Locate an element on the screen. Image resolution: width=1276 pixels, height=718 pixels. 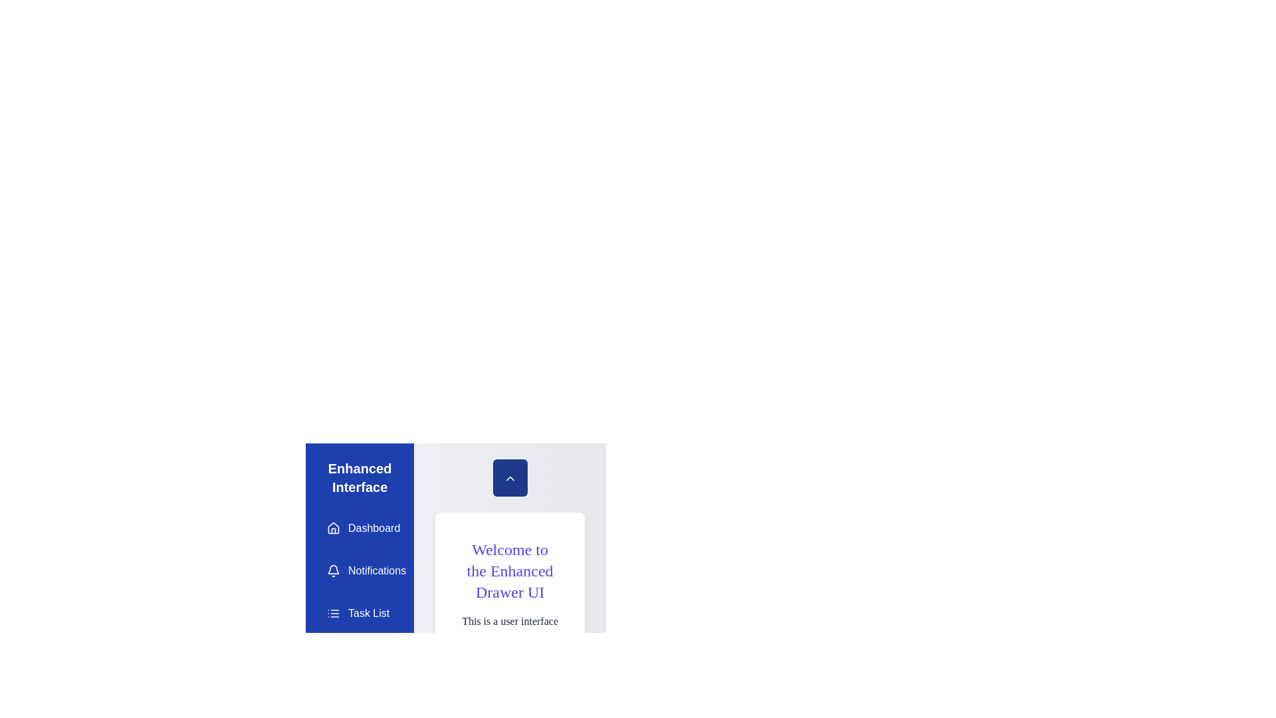
the text 'Welcome to the Enhanced Drawer UI' in the main content area is located at coordinates (462, 538).